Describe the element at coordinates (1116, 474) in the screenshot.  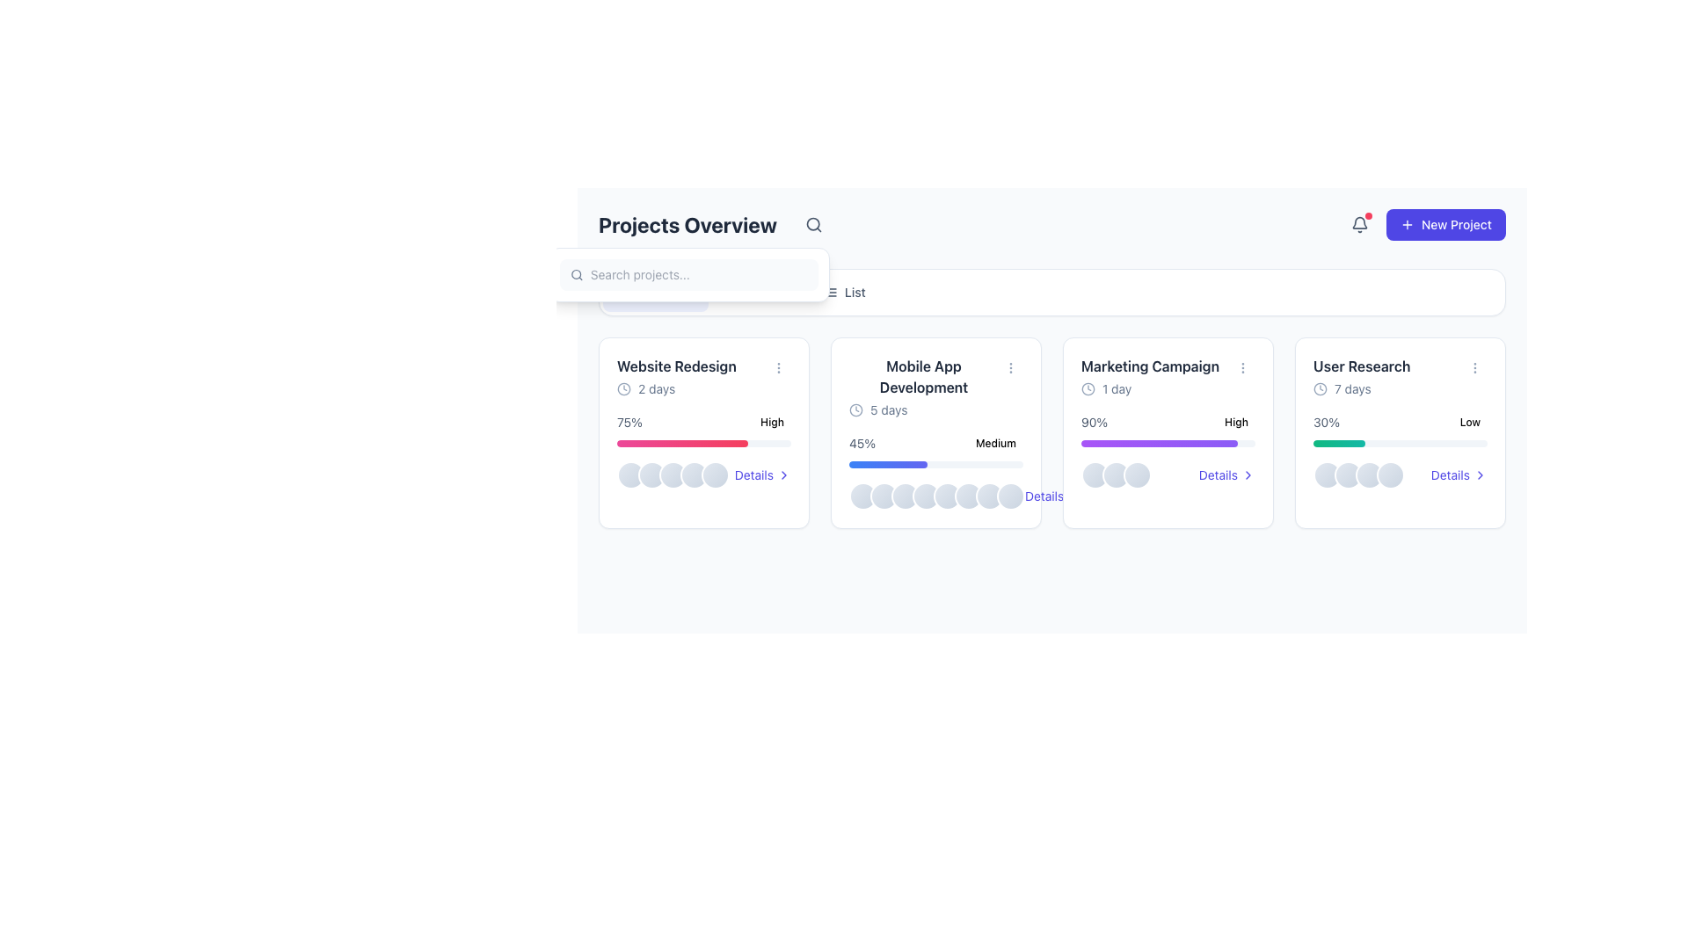
I see `the middle avatar in the Avatar group, which is visually centered among three overlapping circular icons with a gradient background and located below the '90%' progress bar in the 'Marketing Campaign' card` at that location.